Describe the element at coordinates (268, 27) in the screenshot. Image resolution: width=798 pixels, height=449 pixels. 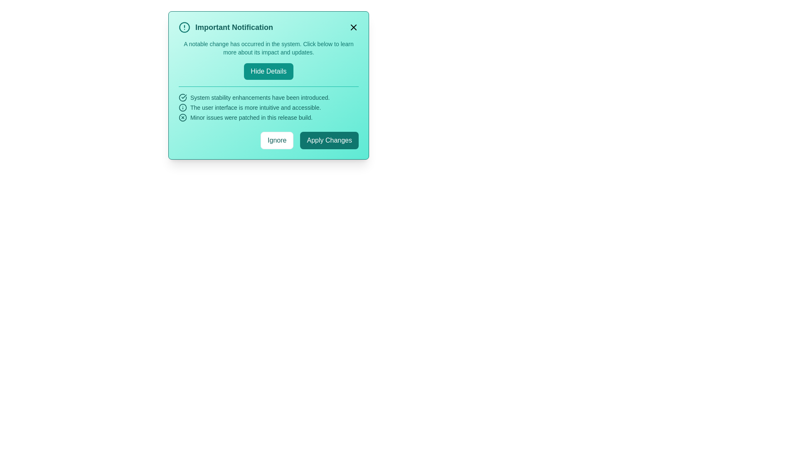
I see `the 'Important Notification' text with the teal-colored exclamation icon` at that location.